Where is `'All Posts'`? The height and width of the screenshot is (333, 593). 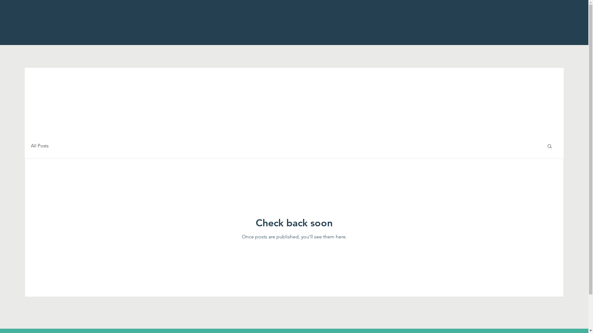
'All Posts' is located at coordinates (31, 146).